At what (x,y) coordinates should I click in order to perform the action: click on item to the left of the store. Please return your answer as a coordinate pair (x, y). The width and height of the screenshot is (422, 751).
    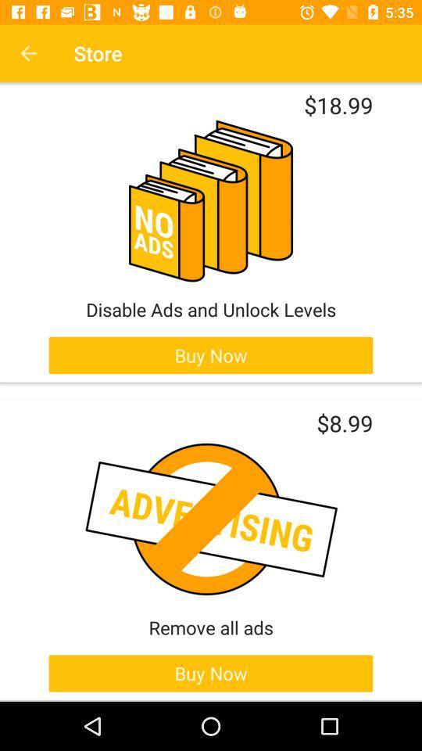
    Looking at the image, I should click on (28, 53).